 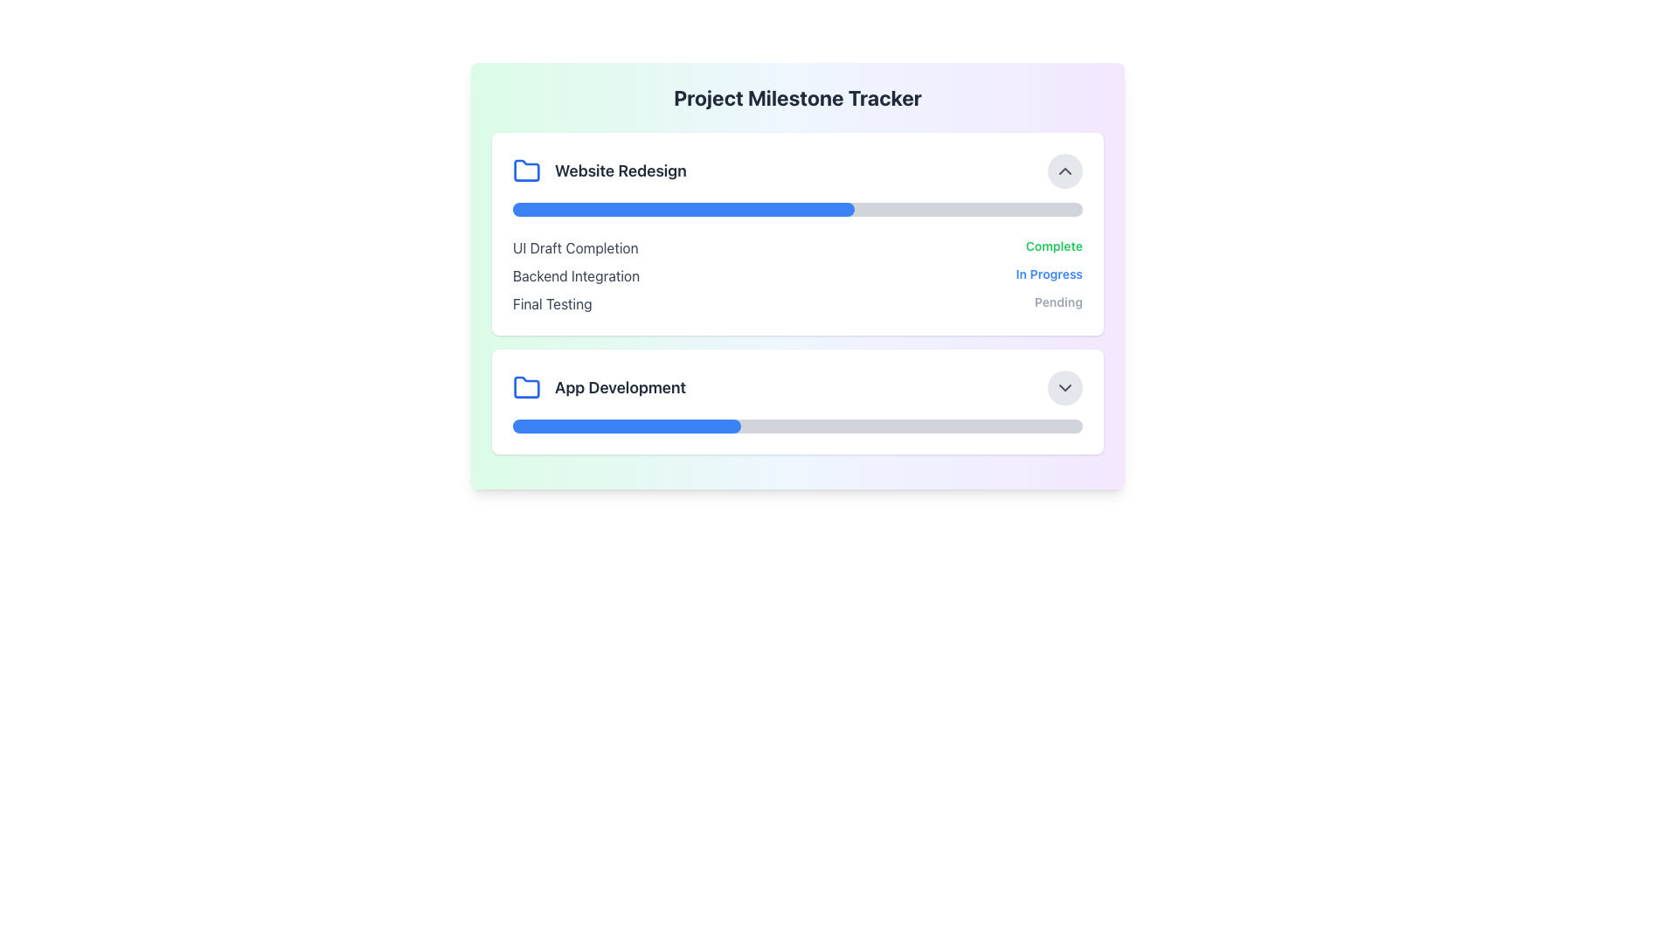 I want to click on the progress visually by focusing on the progress bar located in the 'Website Redesign' section of the 'Project Milestone Tracker' interface, which is filled to approximately 60% with a blue color against a gray background, so click(x=796, y=208).